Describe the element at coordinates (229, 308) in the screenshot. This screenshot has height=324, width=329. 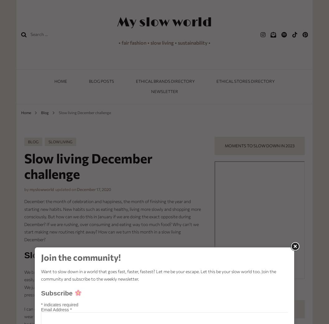
I see `'Sign up for the newsletter'` at that location.